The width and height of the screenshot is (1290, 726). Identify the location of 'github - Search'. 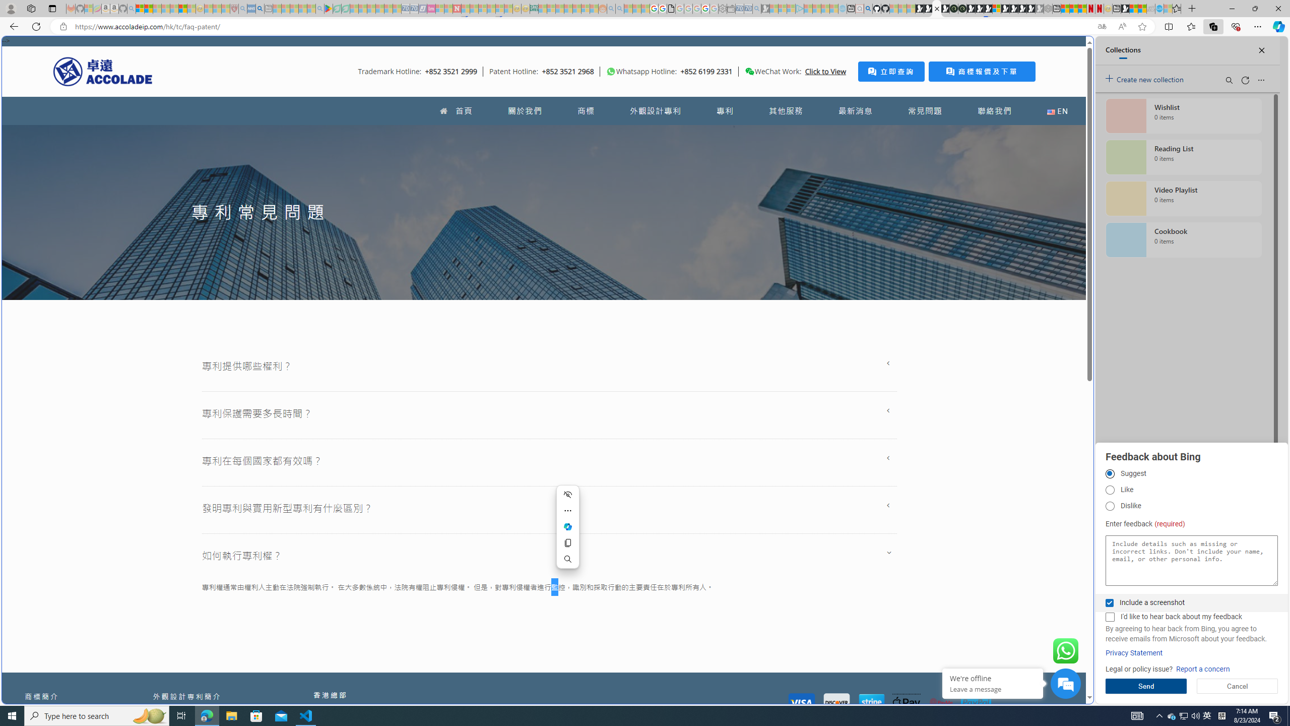
(867, 8).